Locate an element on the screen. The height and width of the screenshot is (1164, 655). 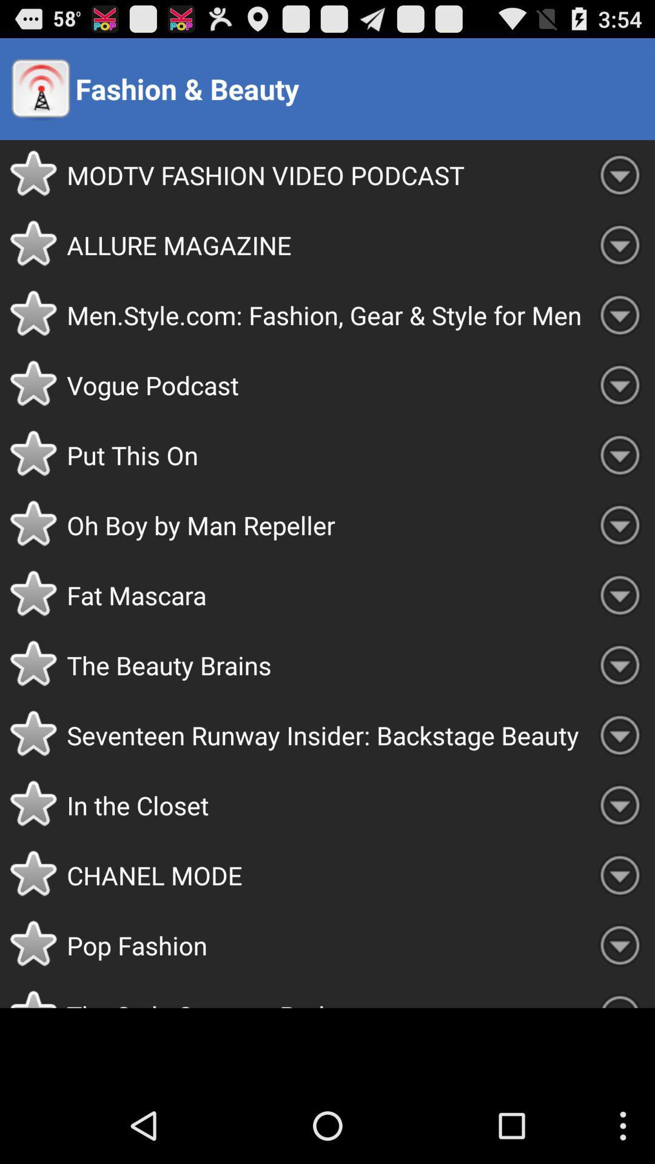
icon below the in the closet icon is located at coordinates (325, 875).